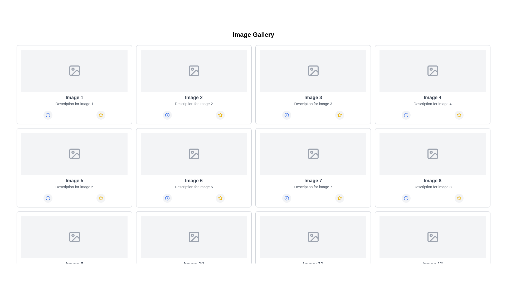 The height and width of the screenshot is (284, 506). Describe the element at coordinates (167, 198) in the screenshot. I see `the circular button with a light gray background and blue border containing an 'i' symbol` at that location.